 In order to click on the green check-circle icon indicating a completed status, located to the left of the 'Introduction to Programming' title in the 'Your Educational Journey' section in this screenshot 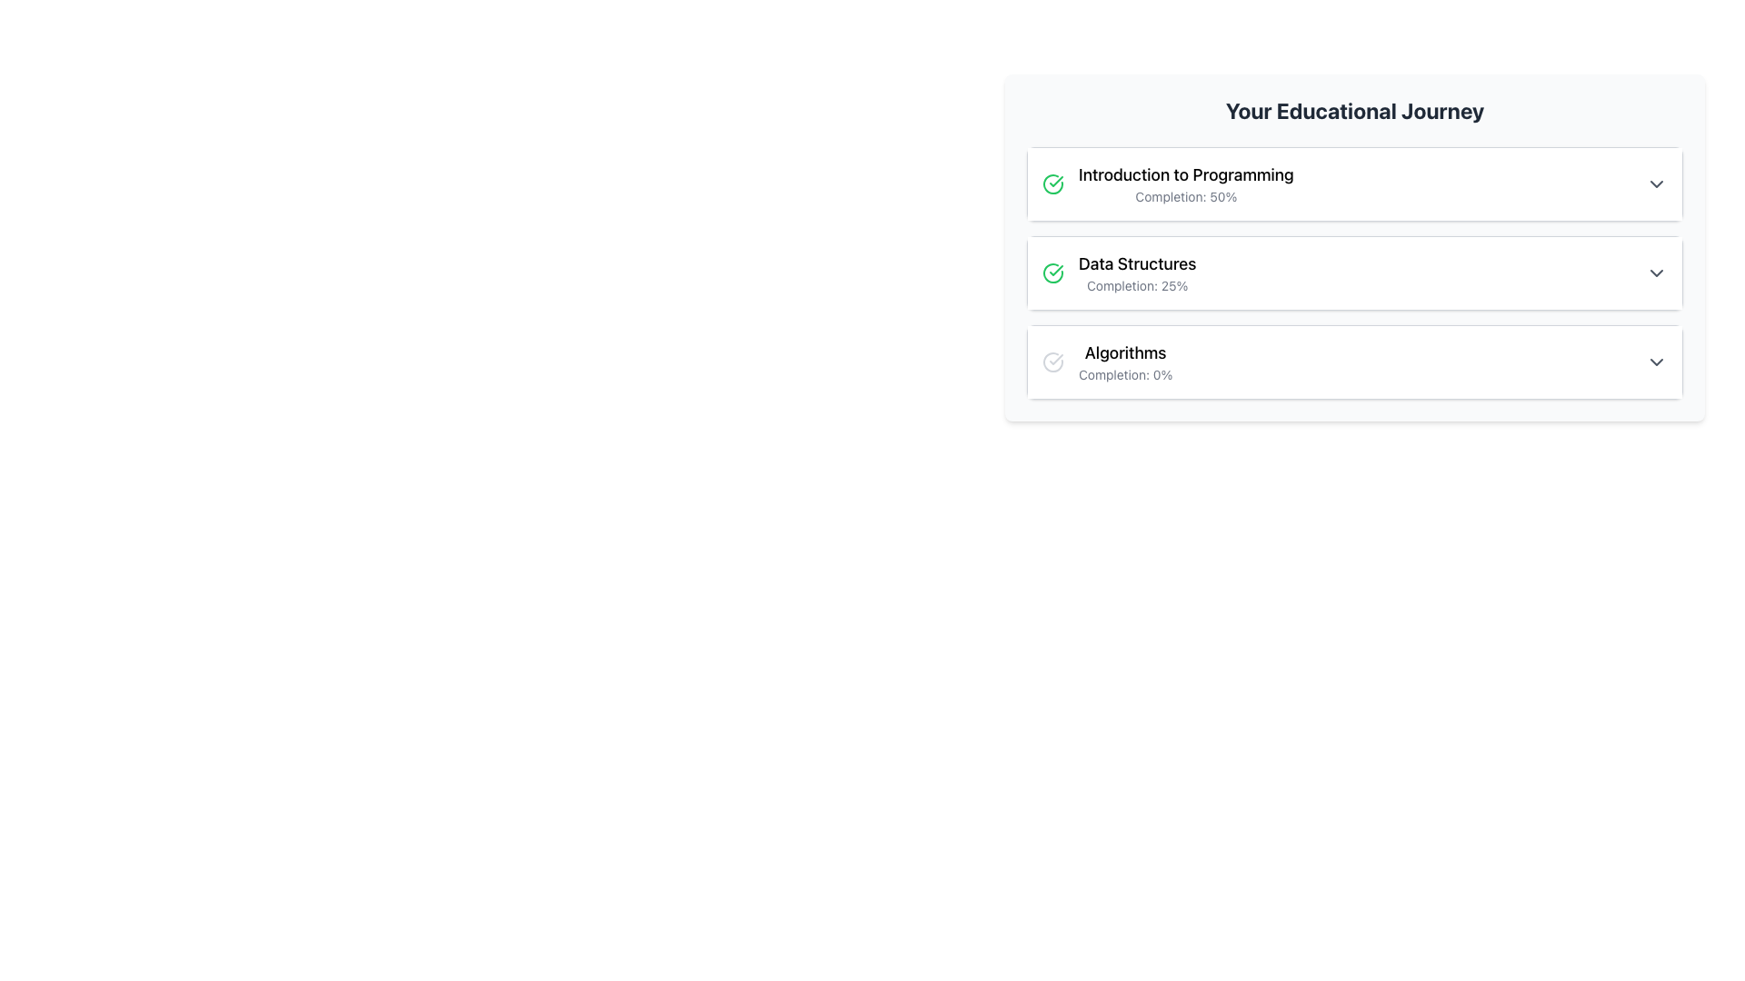, I will do `click(1052, 184)`.